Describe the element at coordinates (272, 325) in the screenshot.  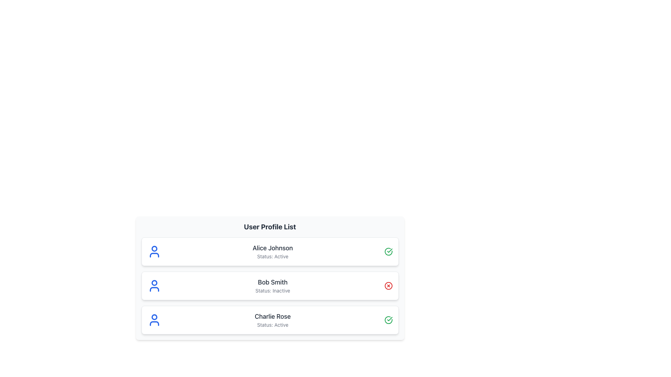
I see `the status information text label for user 'Charlie Rose', which indicates the user is active and is located in the bottom text segment of the profile card` at that location.